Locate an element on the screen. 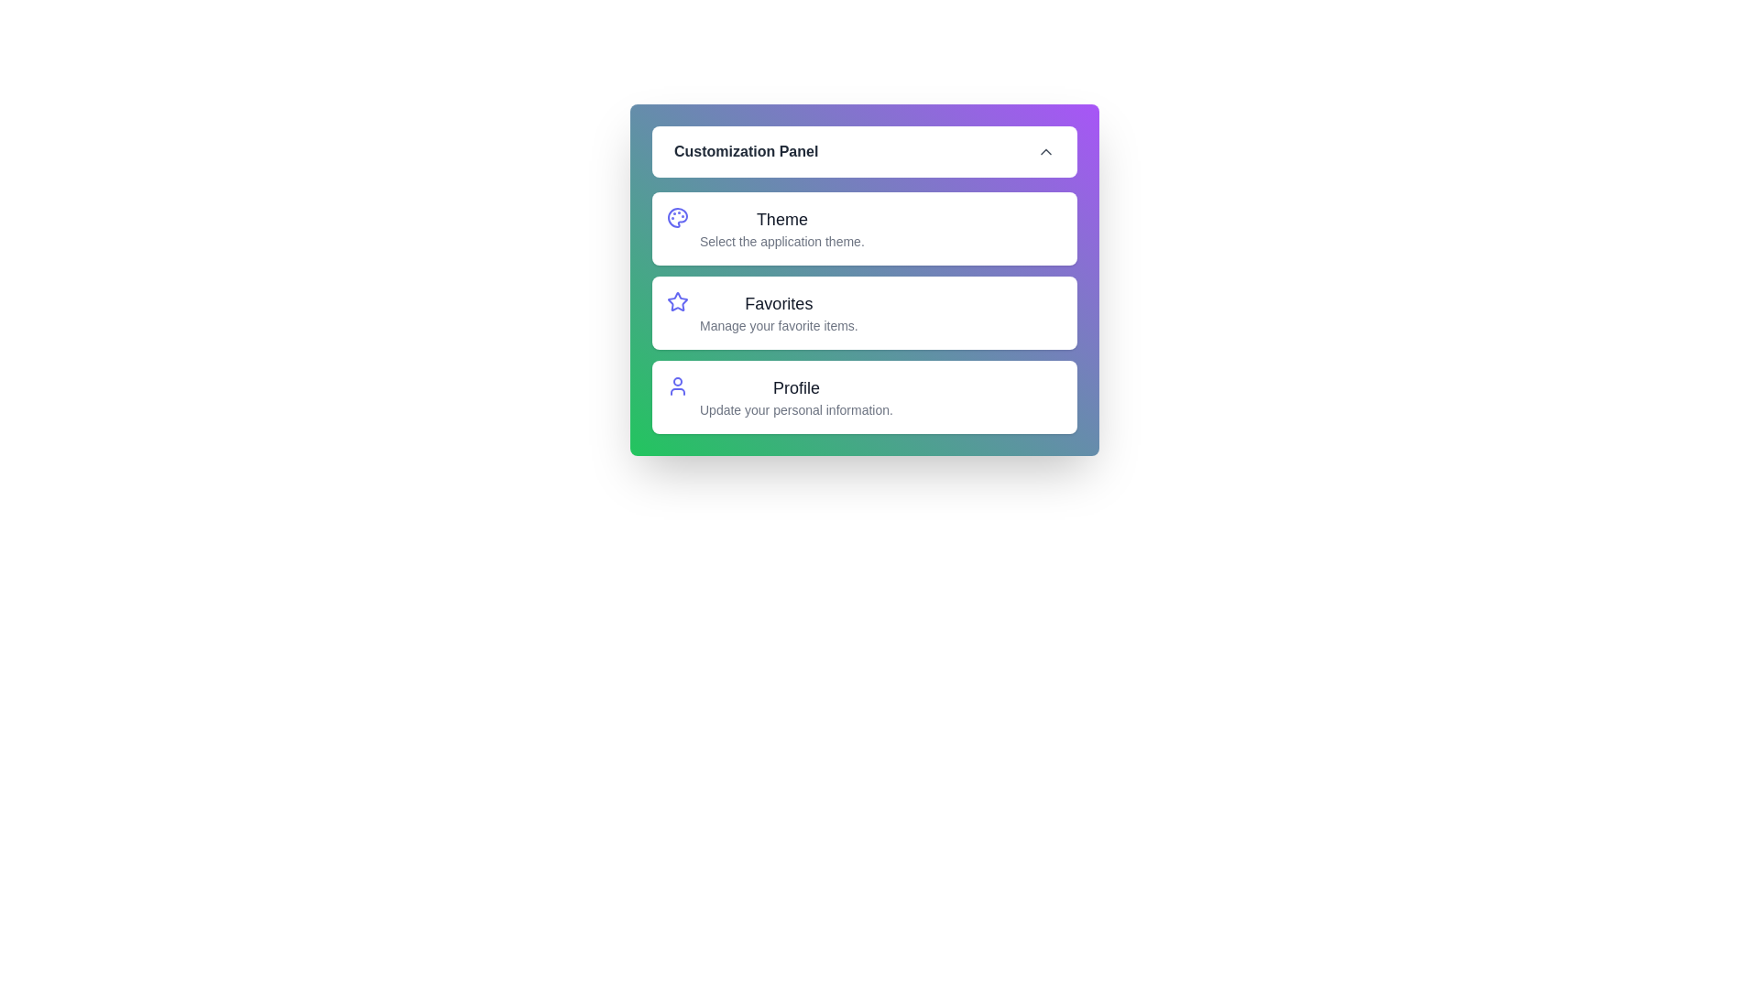 This screenshot has width=1759, height=989. the 'Profile' option to update personal information is located at coordinates (864, 397).